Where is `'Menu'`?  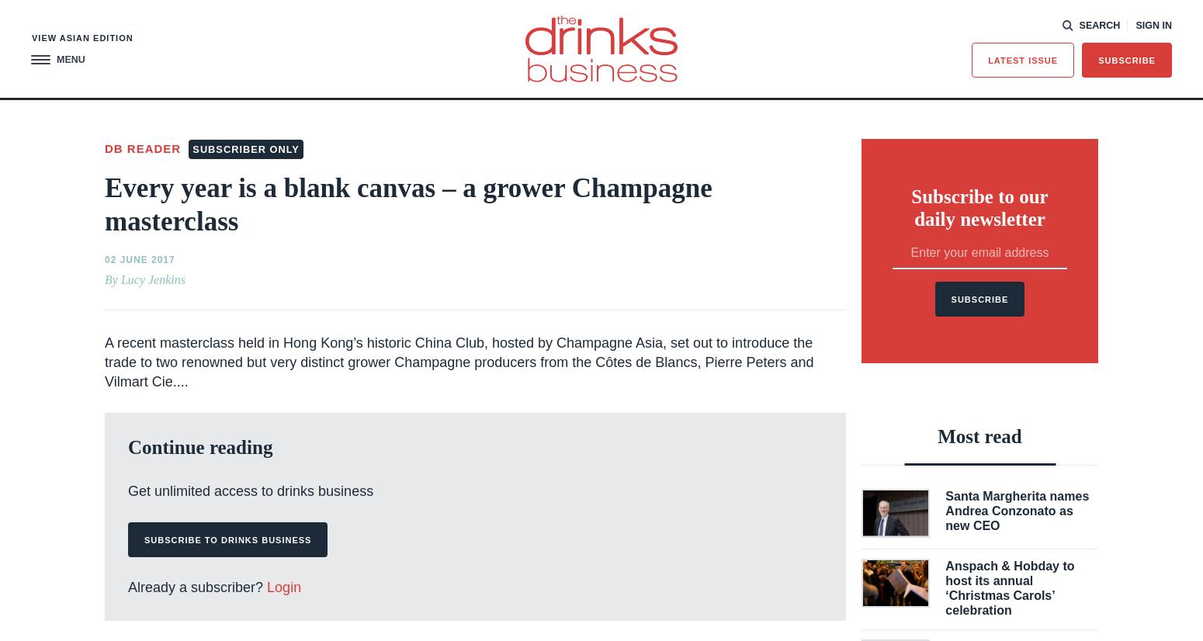
'Menu' is located at coordinates (56, 58).